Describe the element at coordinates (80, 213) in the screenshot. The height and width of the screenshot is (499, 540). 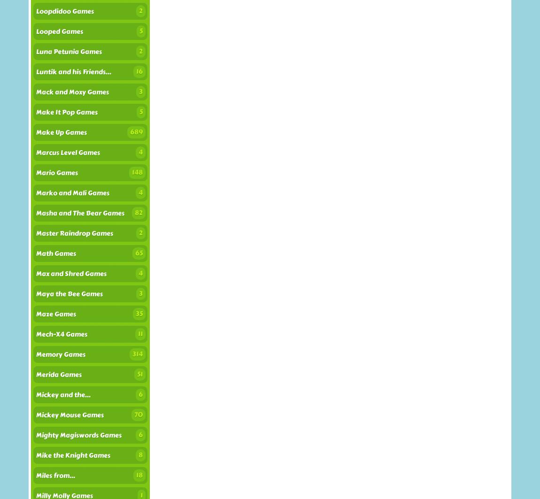
I see `'Masha and The Bear Games'` at that location.